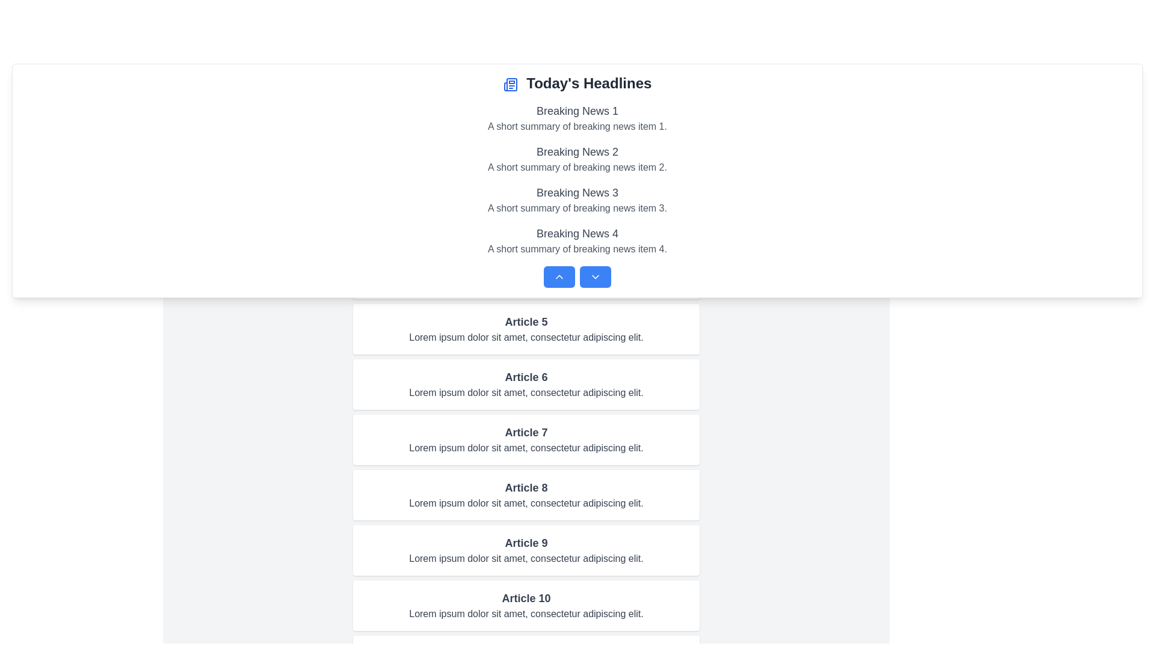 The width and height of the screenshot is (1155, 649). Describe the element at coordinates (577, 111) in the screenshot. I see `the headline Text Label for breaking news located at the top of the 'Today's Headlines' list` at that location.